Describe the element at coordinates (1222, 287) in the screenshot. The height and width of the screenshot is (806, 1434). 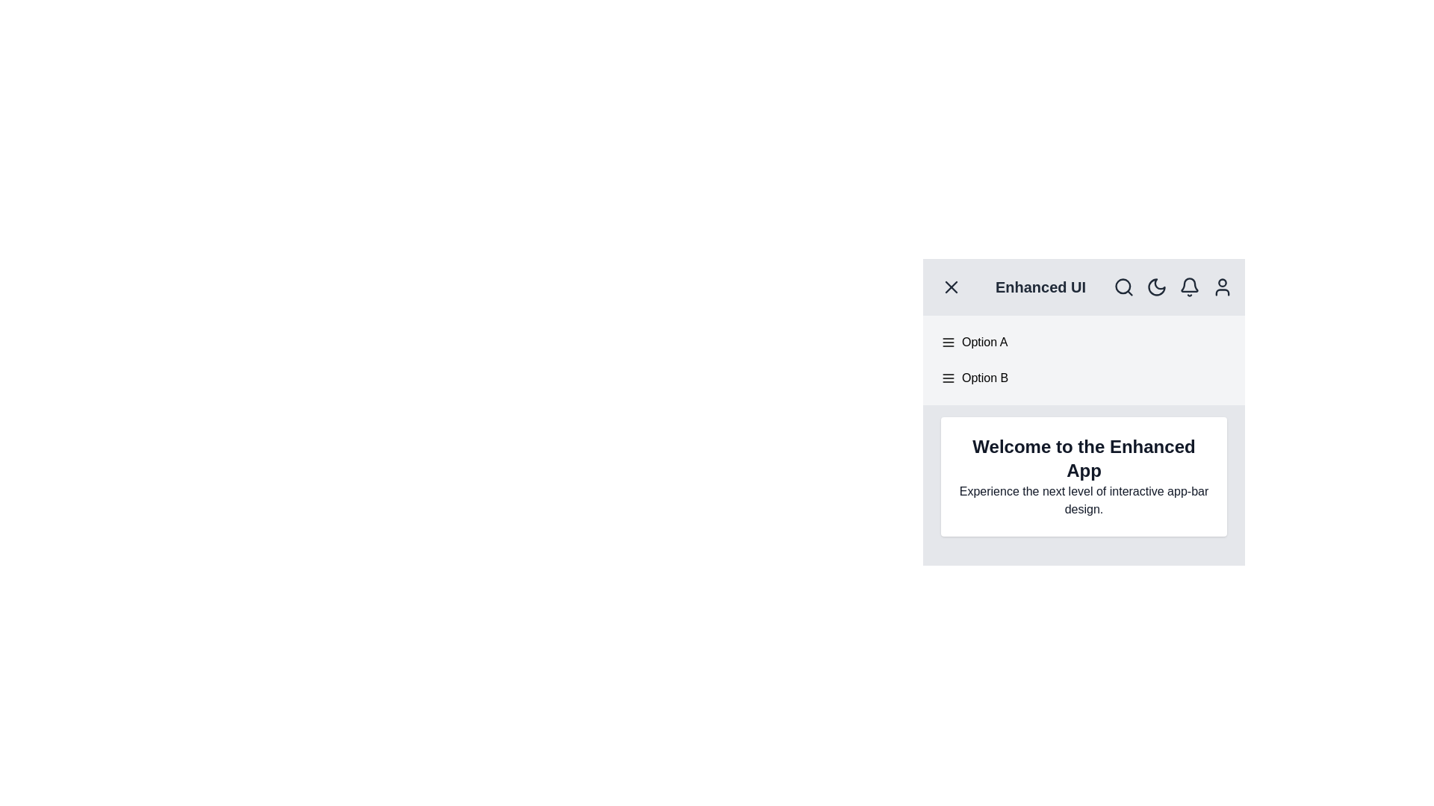
I see `the user profile icon` at that location.